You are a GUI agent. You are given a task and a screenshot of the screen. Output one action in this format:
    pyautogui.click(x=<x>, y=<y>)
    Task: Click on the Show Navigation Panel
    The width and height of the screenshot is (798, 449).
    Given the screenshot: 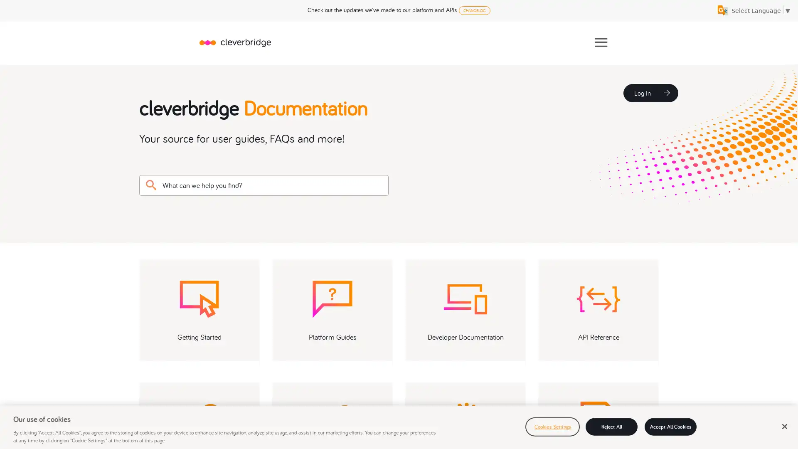 What is the action you would take?
    pyautogui.click(x=601, y=42)
    